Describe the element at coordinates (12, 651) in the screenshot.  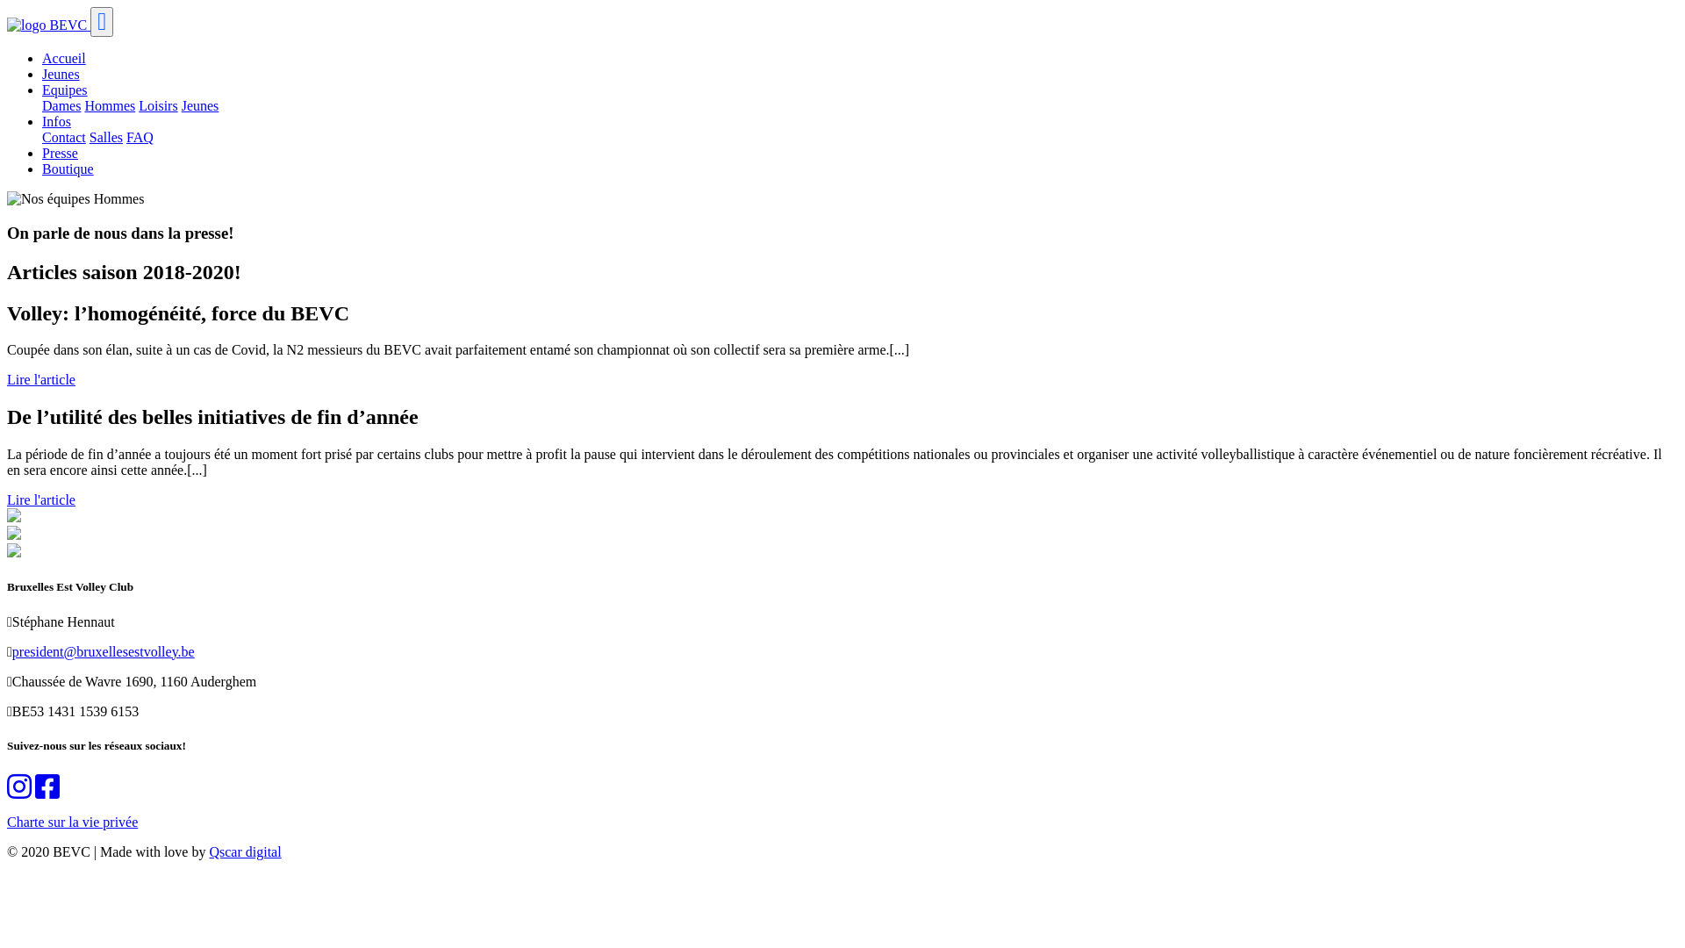
I see `'president@bruxellesestvolley.be'` at that location.